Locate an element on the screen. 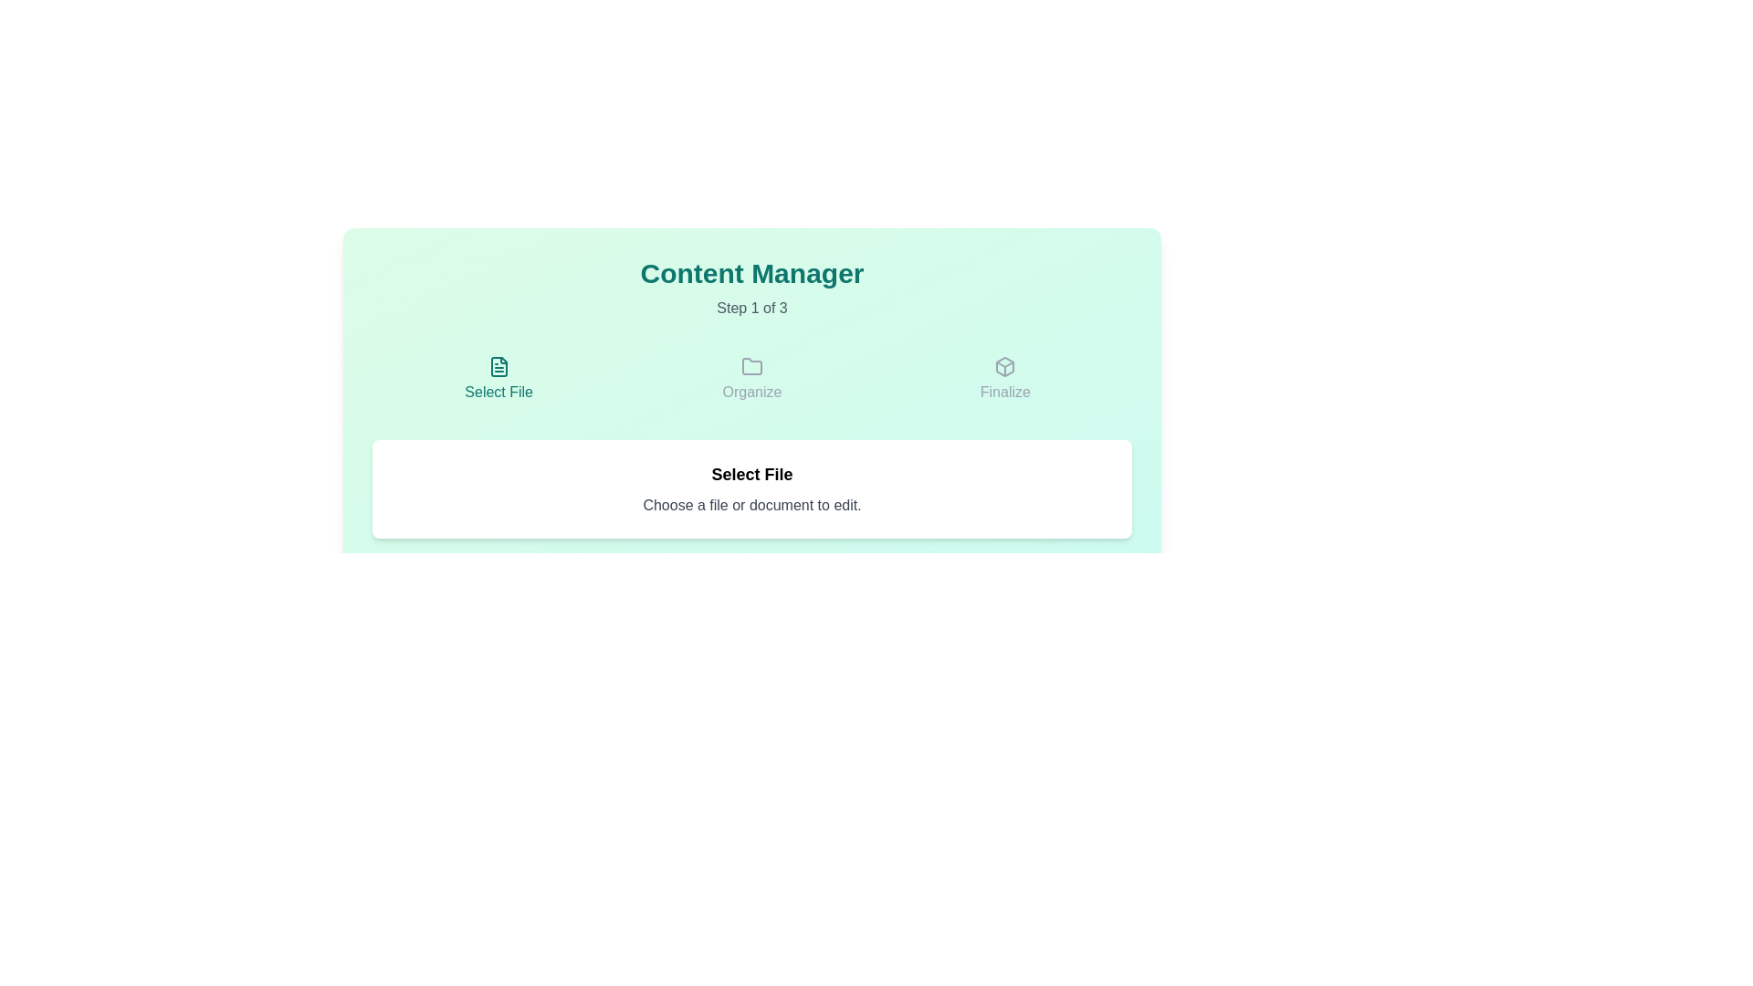 The image size is (1753, 986). the 'Finalize' icon located at the right end of the horizontal row, which serves as a visual indicator or button for finalizing a process is located at coordinates (1004, 366).